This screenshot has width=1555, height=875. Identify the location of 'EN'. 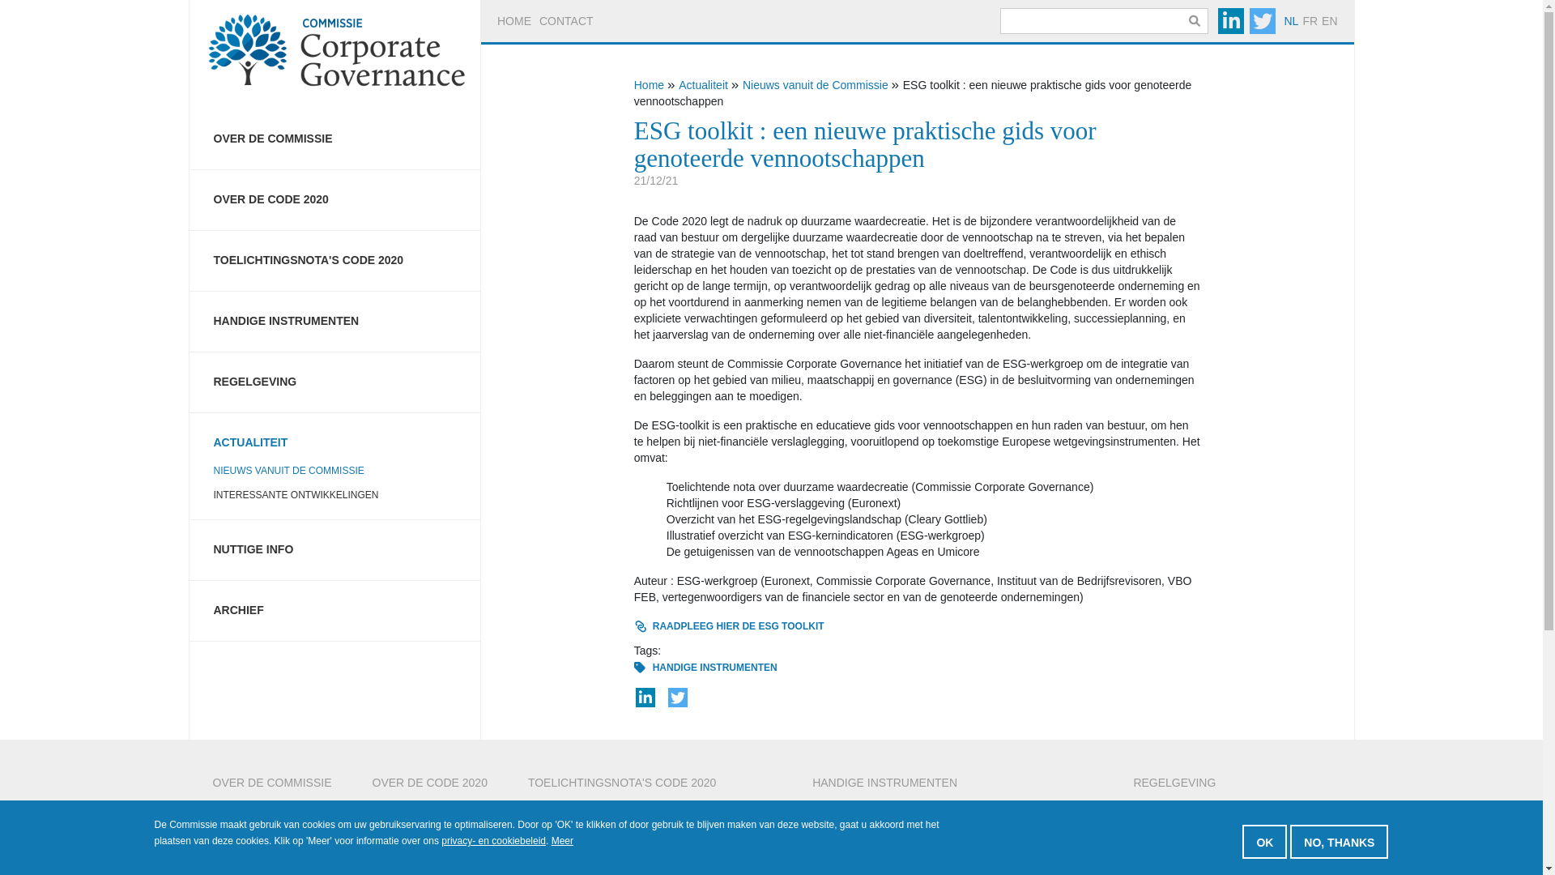
(1329, 21).